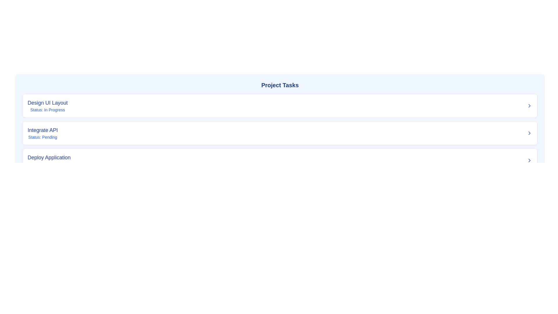 This screenshot has height=314, width=558. I want to click on the chevron-right icon, so click(530, 160).